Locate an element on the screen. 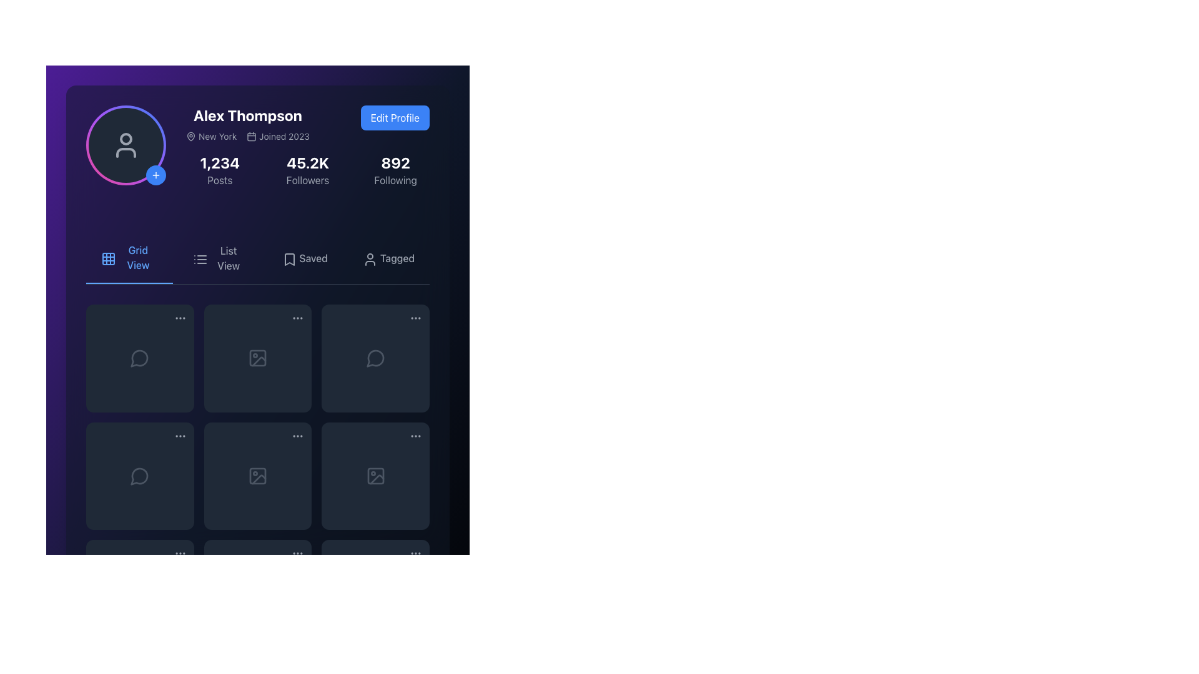 The height and width of the screenshot is (674, 1199). the rectangular shape element with rounded corners, which is part of an image icon located in the second row and third column of the grid layout is located at coordinates (257, 476).